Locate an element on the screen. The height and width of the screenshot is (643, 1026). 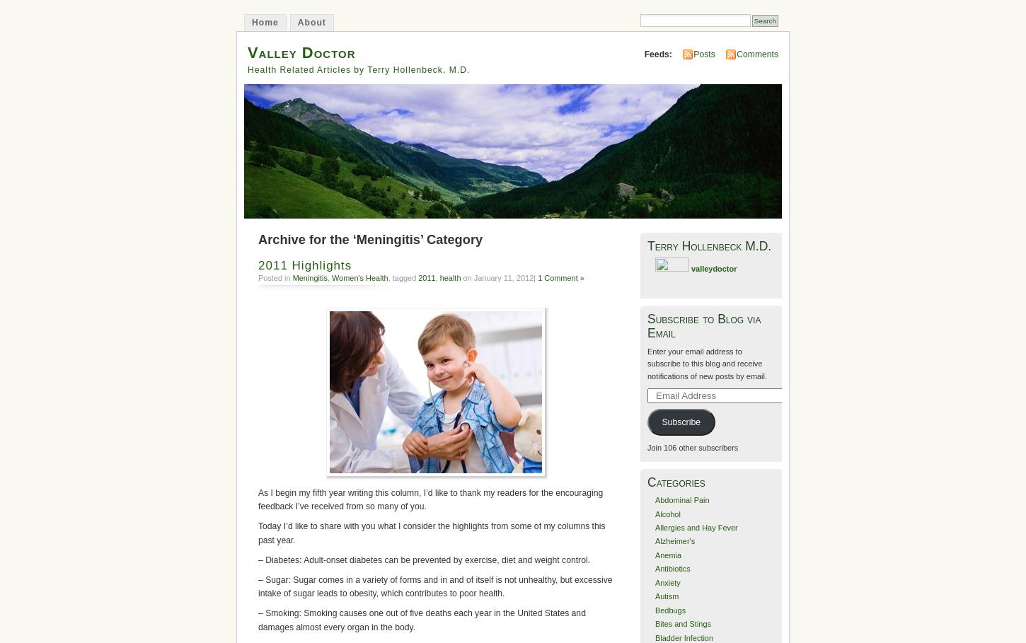
', tagged' is located at coordinates (403, 277).